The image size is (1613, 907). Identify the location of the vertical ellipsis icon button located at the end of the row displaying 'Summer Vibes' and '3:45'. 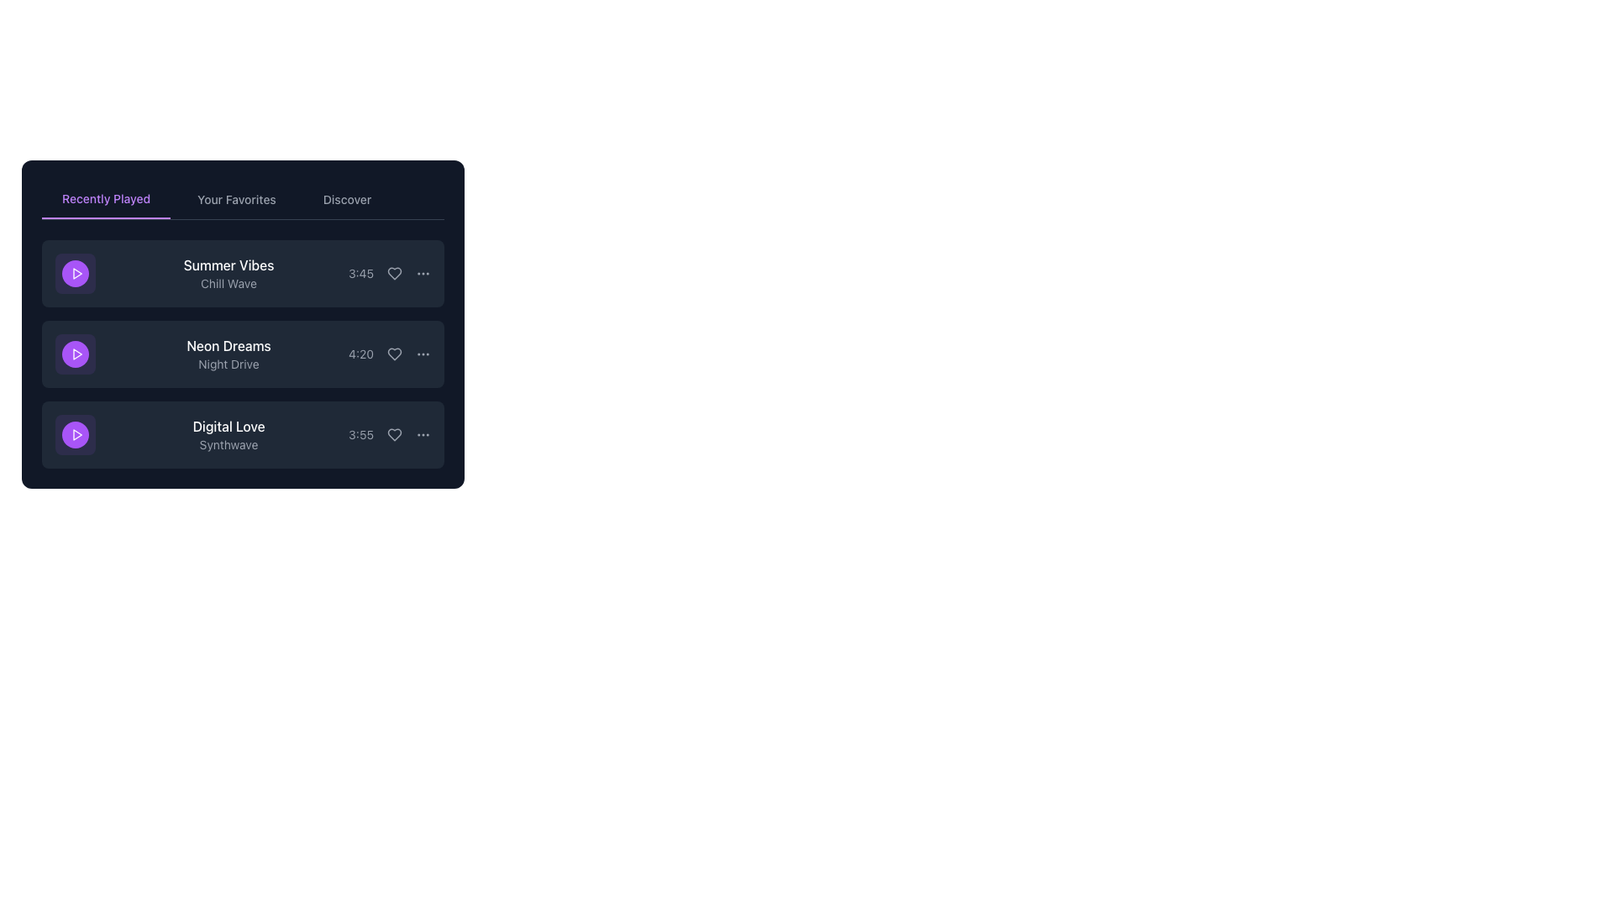
(423, 273).